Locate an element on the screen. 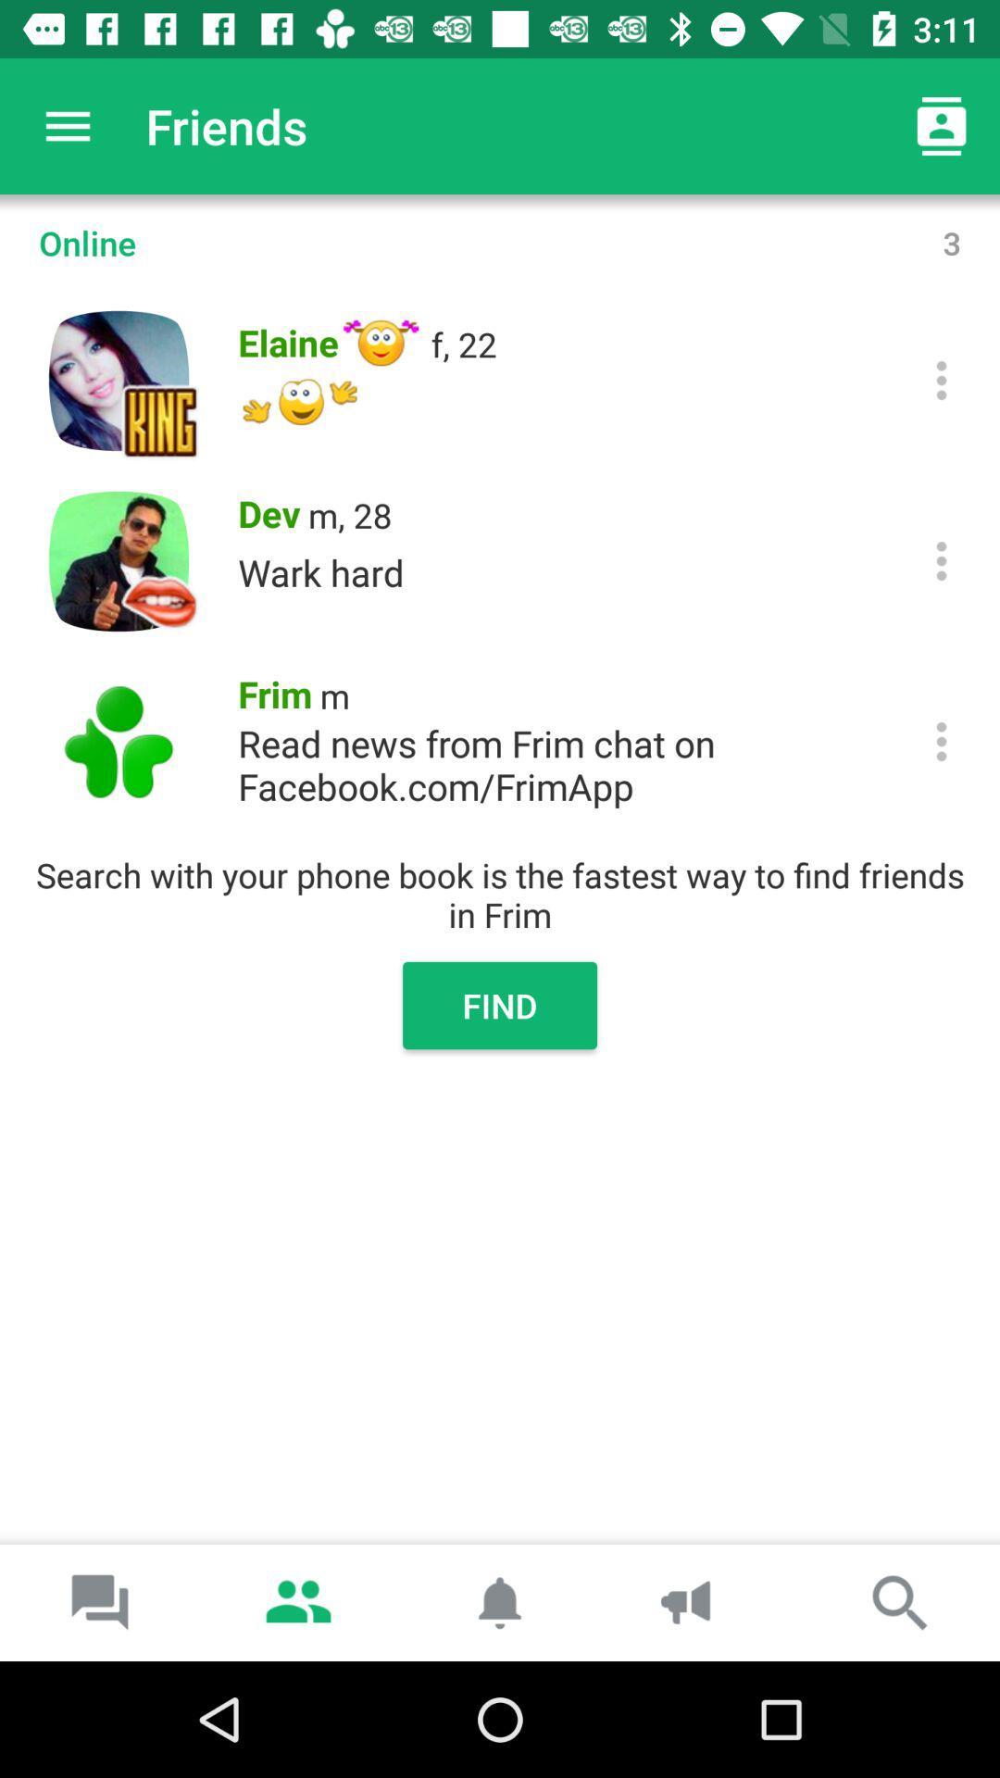 The width and height of the screenshot is (1000, 1778). other option is located at coordinates (942, 742).